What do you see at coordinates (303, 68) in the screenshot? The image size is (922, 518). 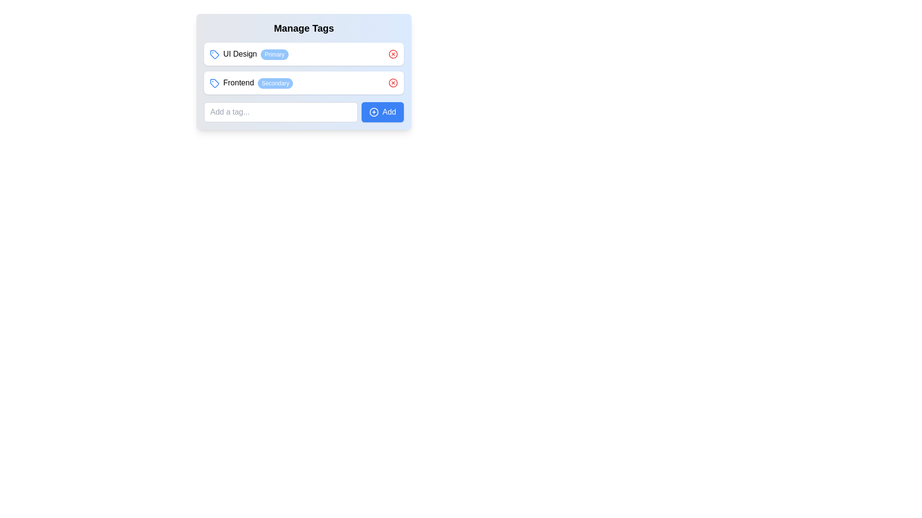 I see `the text within the Grouped data rows that includes 'UI Design - Primary' and 'Frontend - Secondary'` at bounding box center [303, 68].